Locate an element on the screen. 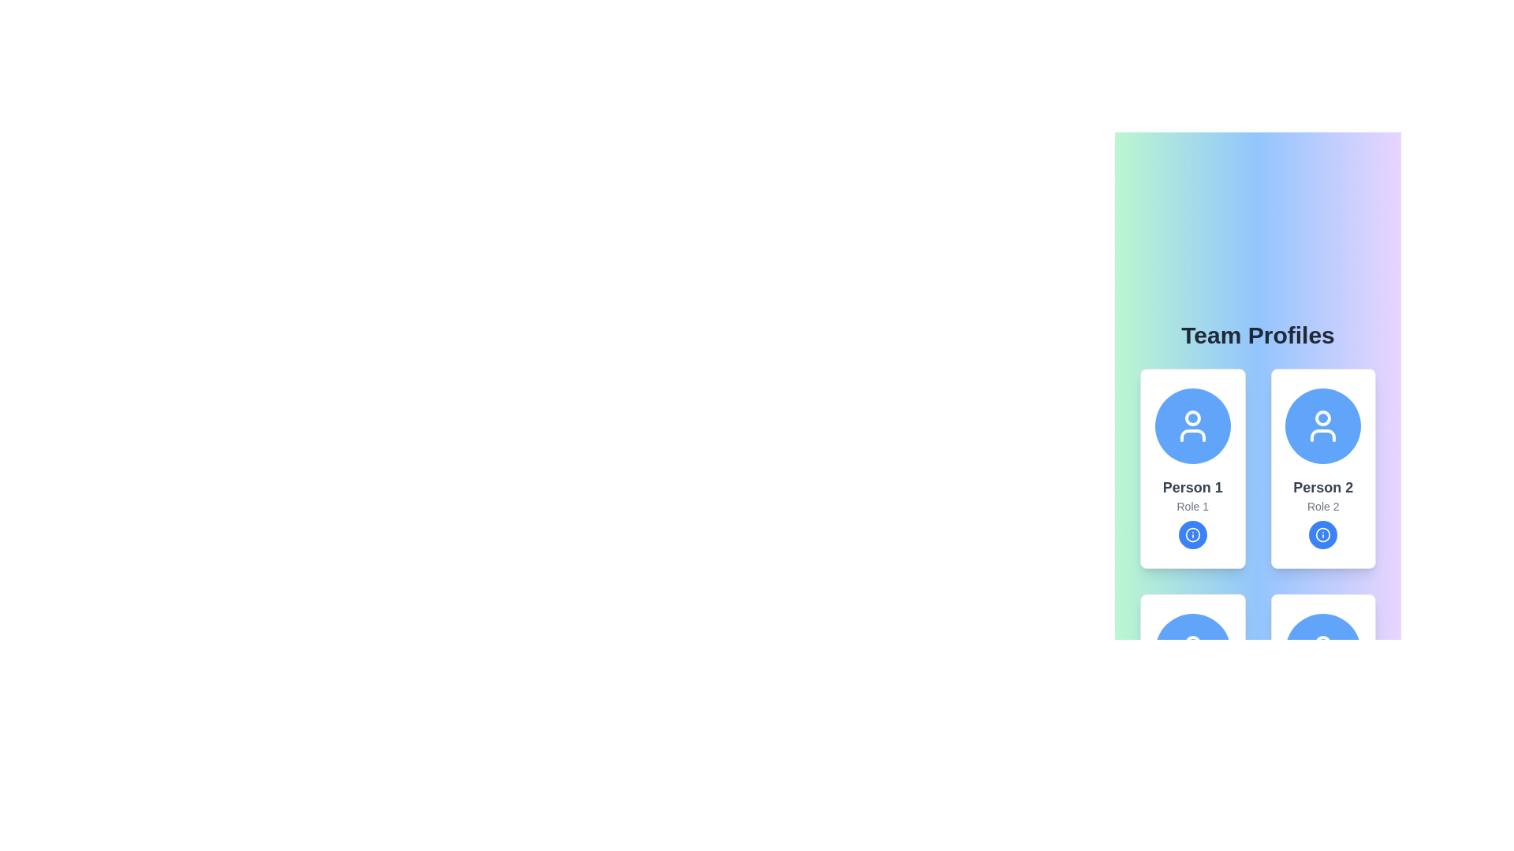 The width and height of the screenshot is (1514, 851). the Profile Avatar representing 'Person 2' located at the top-center of the second card in the 'Team Profiles' section is located at coordinates (1323, 425).